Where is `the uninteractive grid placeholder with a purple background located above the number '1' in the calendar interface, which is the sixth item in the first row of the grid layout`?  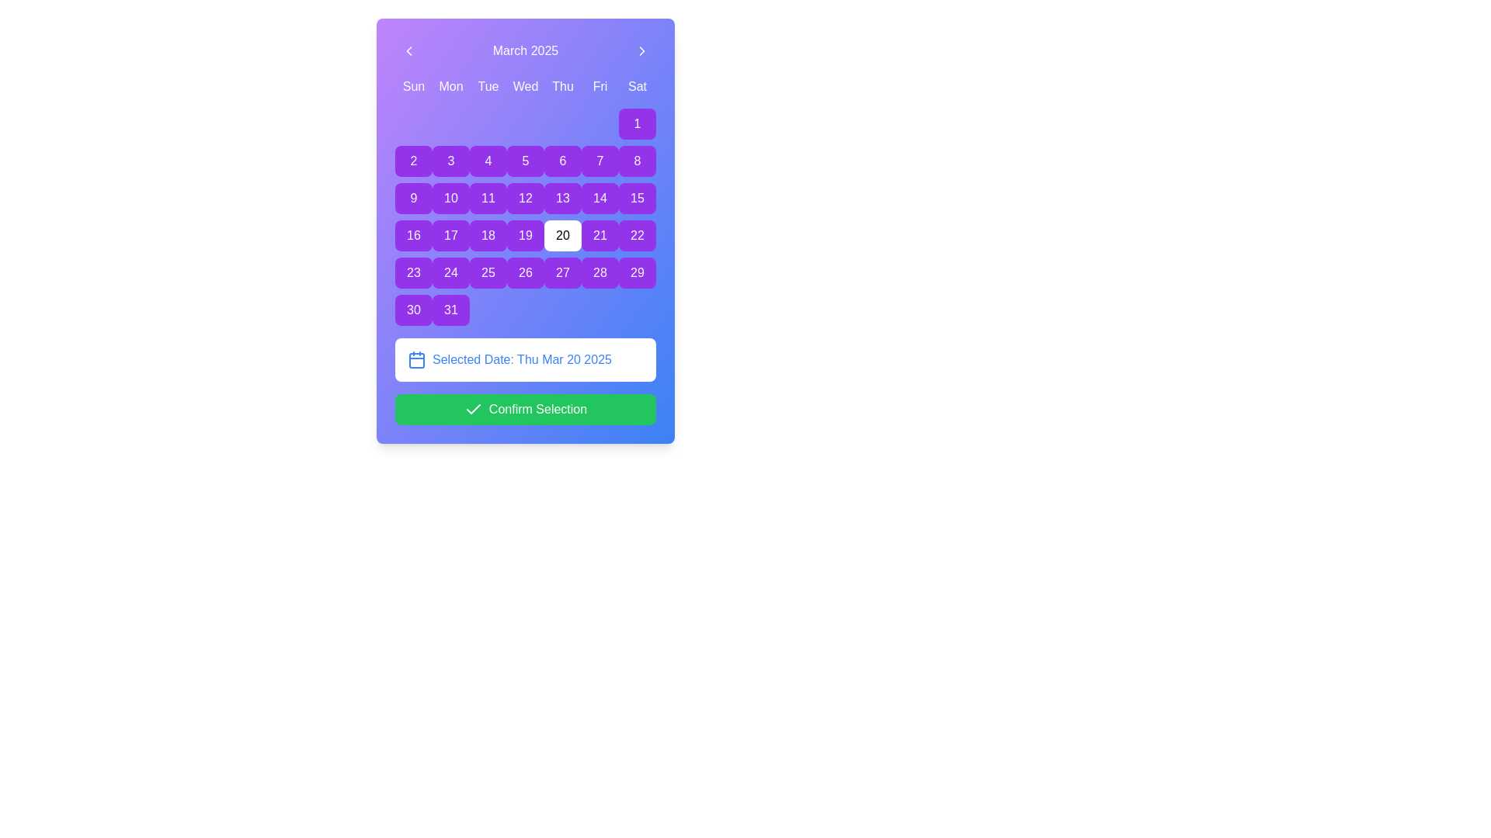 the uninteractive grid placeholder with a purple background located above the number '1' in the calendar interface, which is the sixth item in the first row of the grid layout is located at coordinates (599, 123).